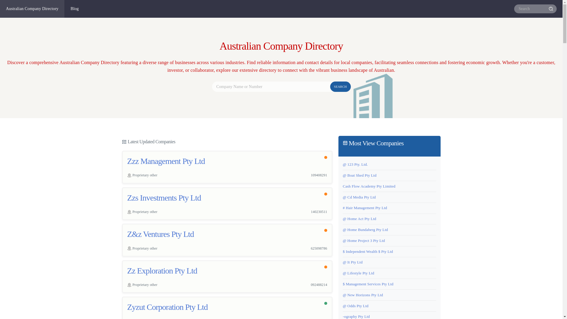 The height and width of the screenshot is (319, 567). What do you see at coordinates (343, 175) in the screenshot?
I see `'@ Boat Shed Pty Ltd'` at bounding box center [343, 175].